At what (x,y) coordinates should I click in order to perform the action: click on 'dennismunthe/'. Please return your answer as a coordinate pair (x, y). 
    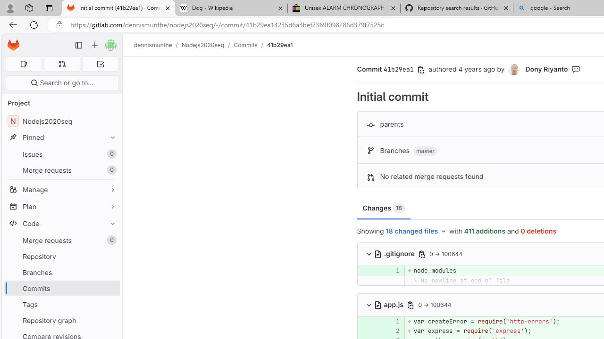
    Looking at the image, I should click on (158, 45).